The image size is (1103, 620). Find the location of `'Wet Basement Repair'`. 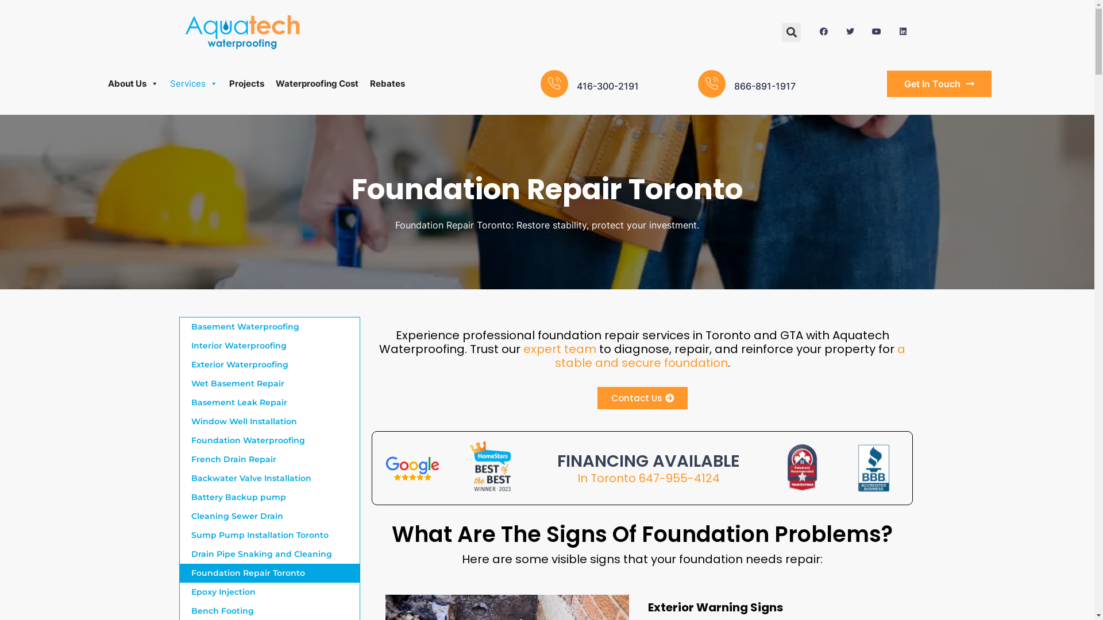

'Wet Basement Repair' is located at coordinates (269, 383).